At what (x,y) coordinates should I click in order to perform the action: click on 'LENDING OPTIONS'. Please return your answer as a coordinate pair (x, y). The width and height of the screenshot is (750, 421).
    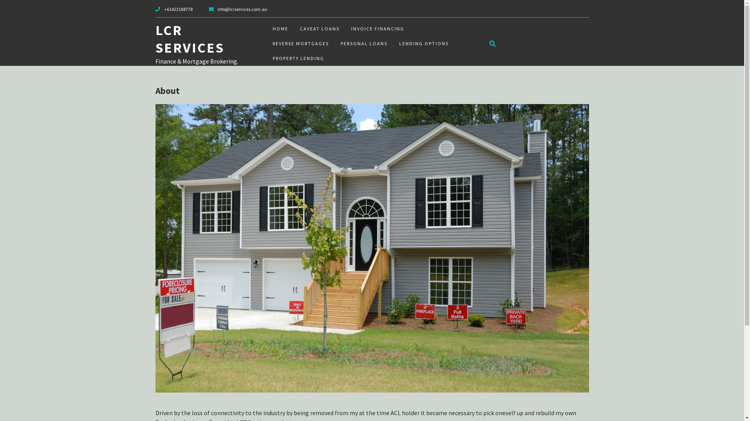
    Looking at the image, I should click on (423, 43).